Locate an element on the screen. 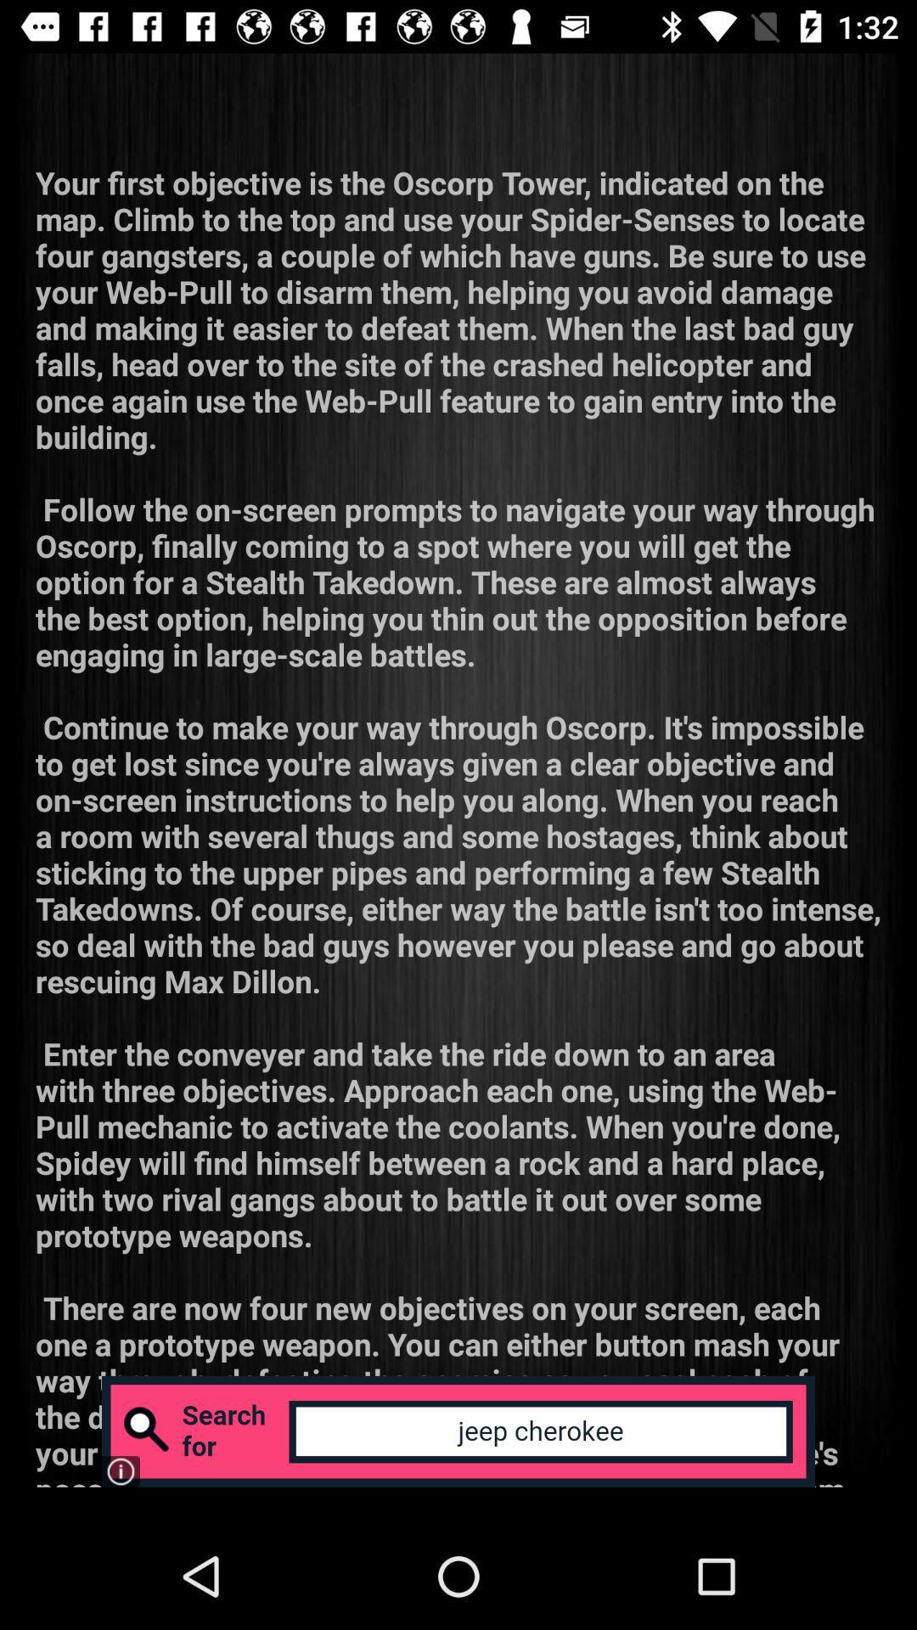  search for information is located at coordinates (458, 1430).